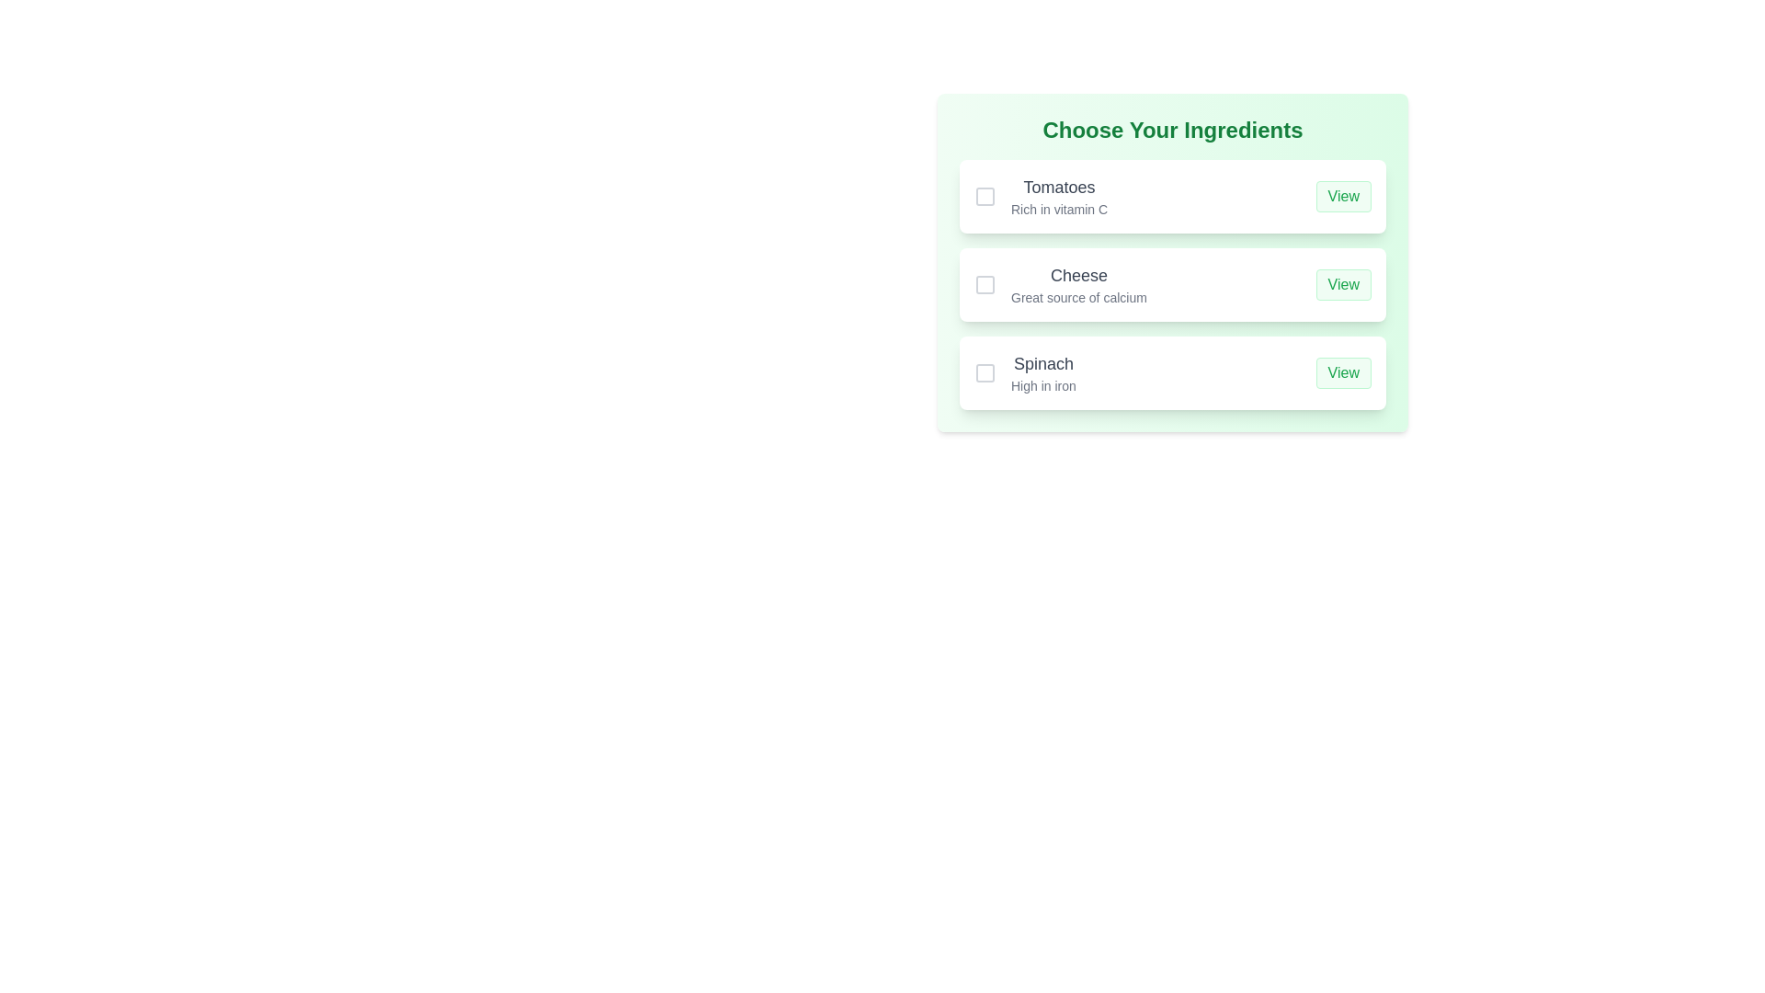  I want to click on the decorative rectangle within the unchecked checkbox SVG icon located to the left of the text 'Tomatoes' in the ingredient list, so click(984, 196).